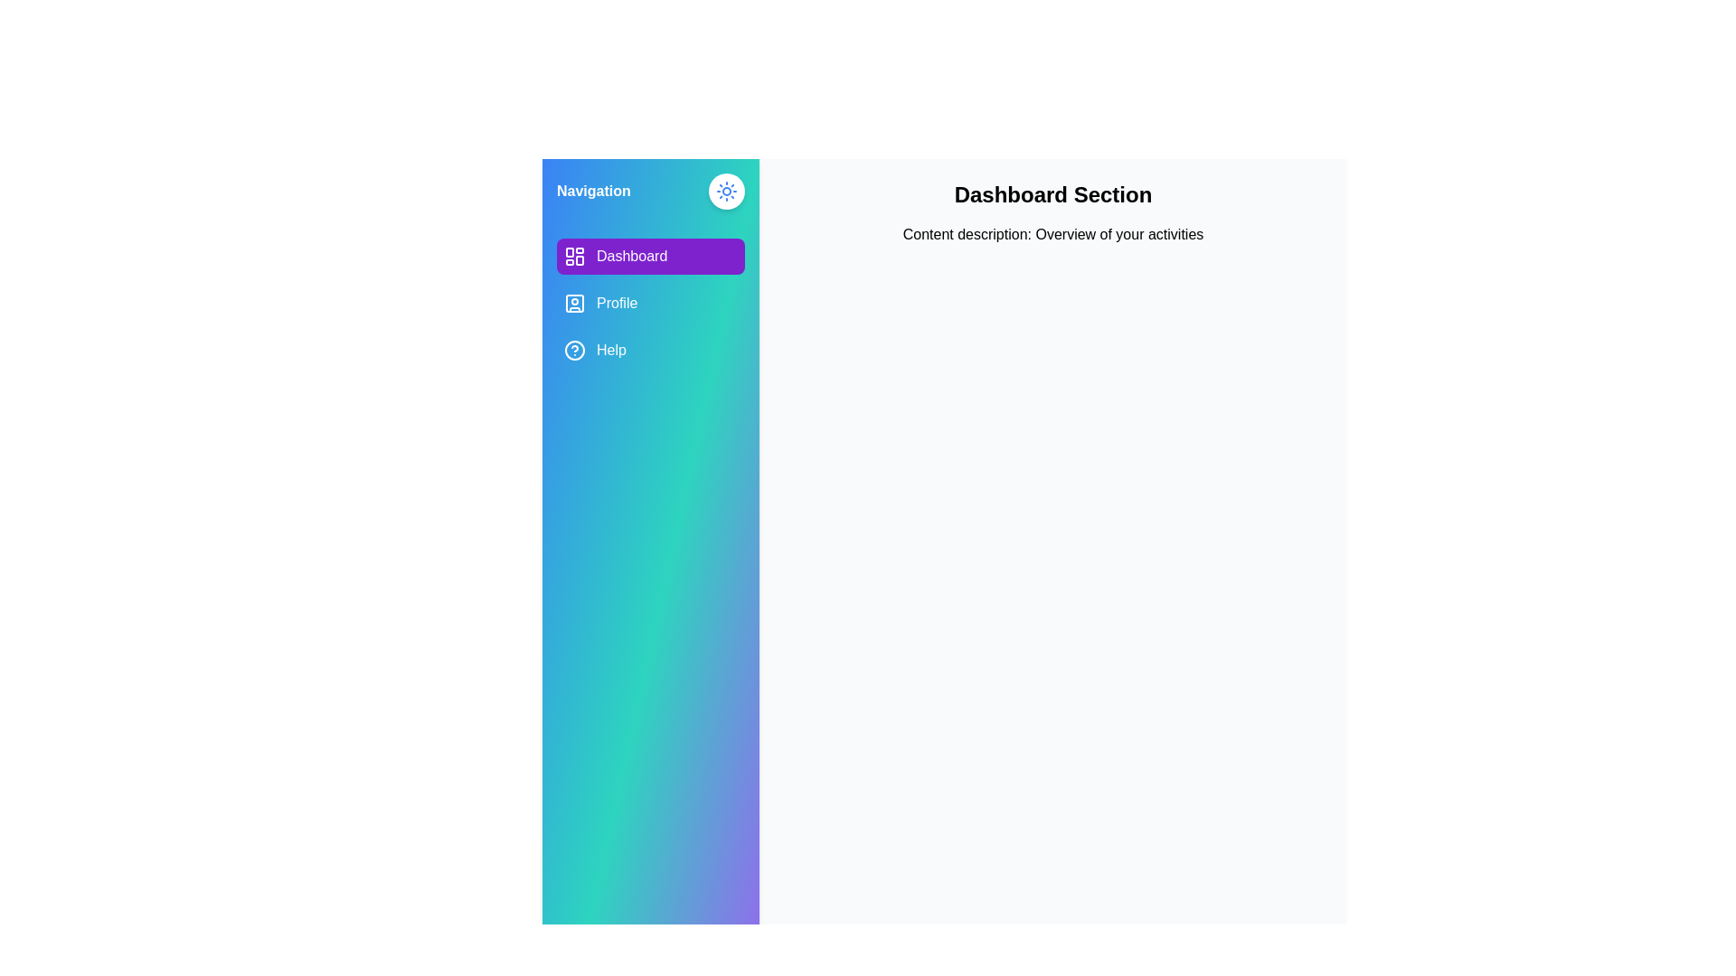  What do you see at coordinates (651, 302) in the screenshot?
I see `the Profile tab in the menu to see its hover effect` at bounding box center [651, 302].